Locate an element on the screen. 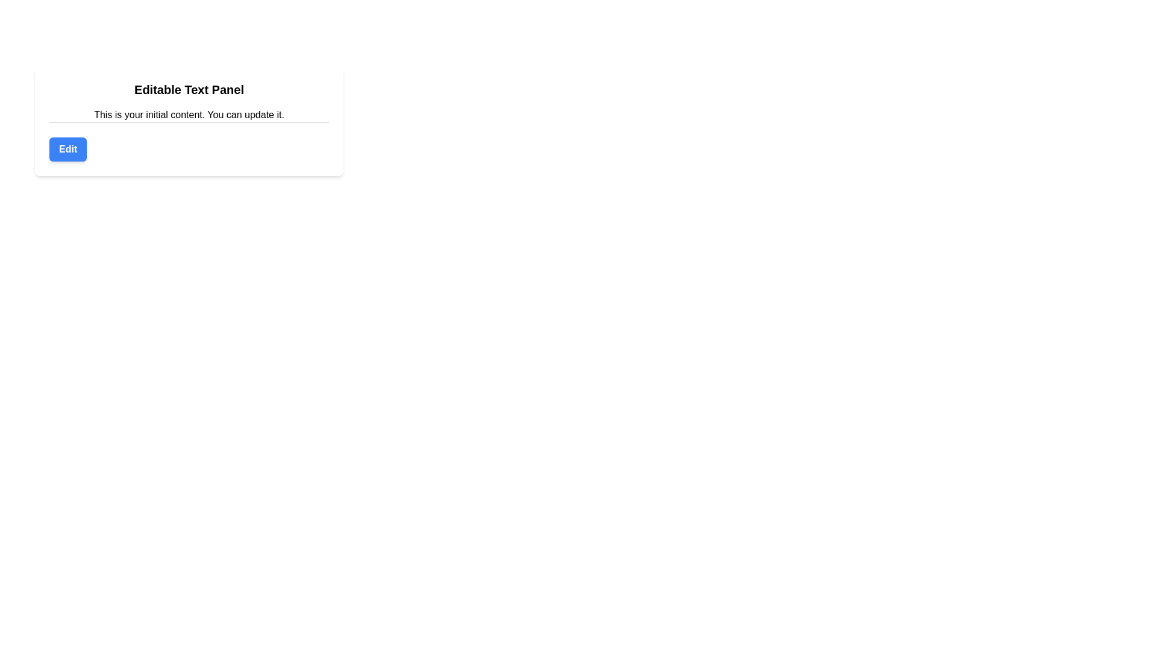 The image size is (1157, 651). the text display element that shows 'This is your initial content. You can update it.' which is centrally located below the title 'Editable Text Panel' and above the 'Edit' button is located at coordinates (188, 115).